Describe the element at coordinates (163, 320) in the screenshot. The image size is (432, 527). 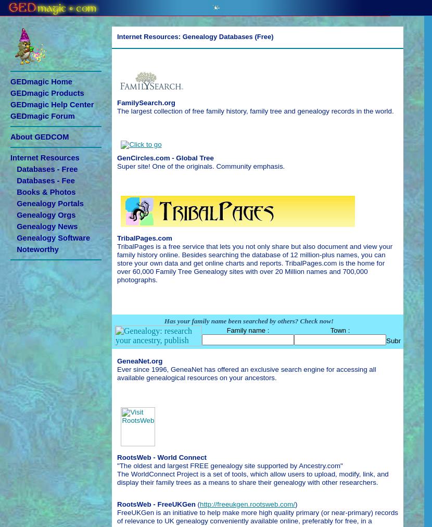
I see `'Has your family name been searched by others?  Check now!'` at that location.